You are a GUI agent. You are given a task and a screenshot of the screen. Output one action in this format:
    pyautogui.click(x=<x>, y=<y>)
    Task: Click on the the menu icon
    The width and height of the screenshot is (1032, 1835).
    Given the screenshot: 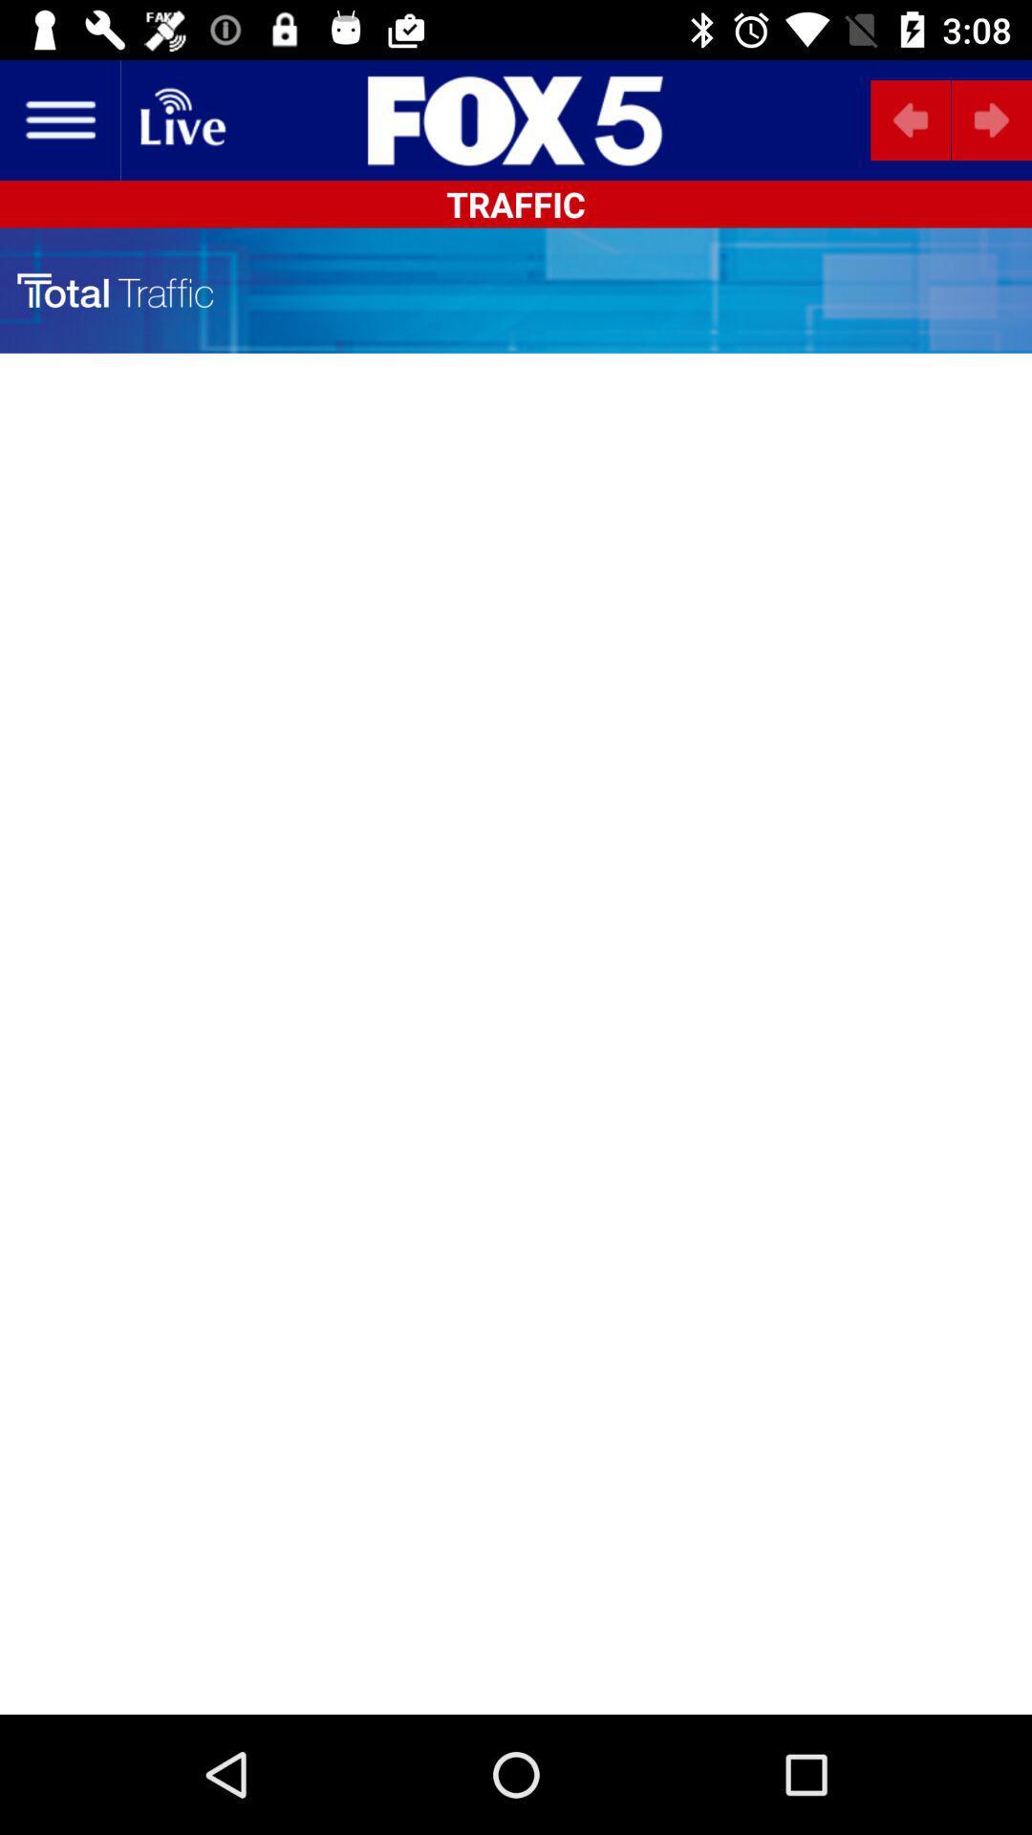 What is the action you would take?
    pyautogui.click(x=58, y=119)
    